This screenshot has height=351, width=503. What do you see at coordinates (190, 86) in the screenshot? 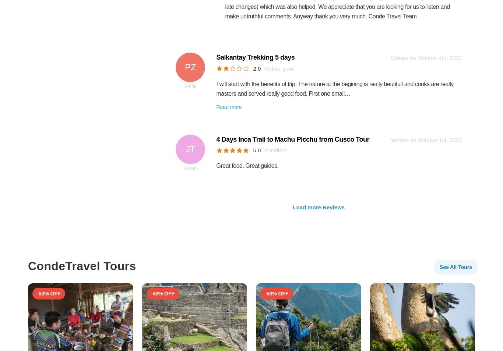
I see `'Patrik'` at bounding box center [190, 86].